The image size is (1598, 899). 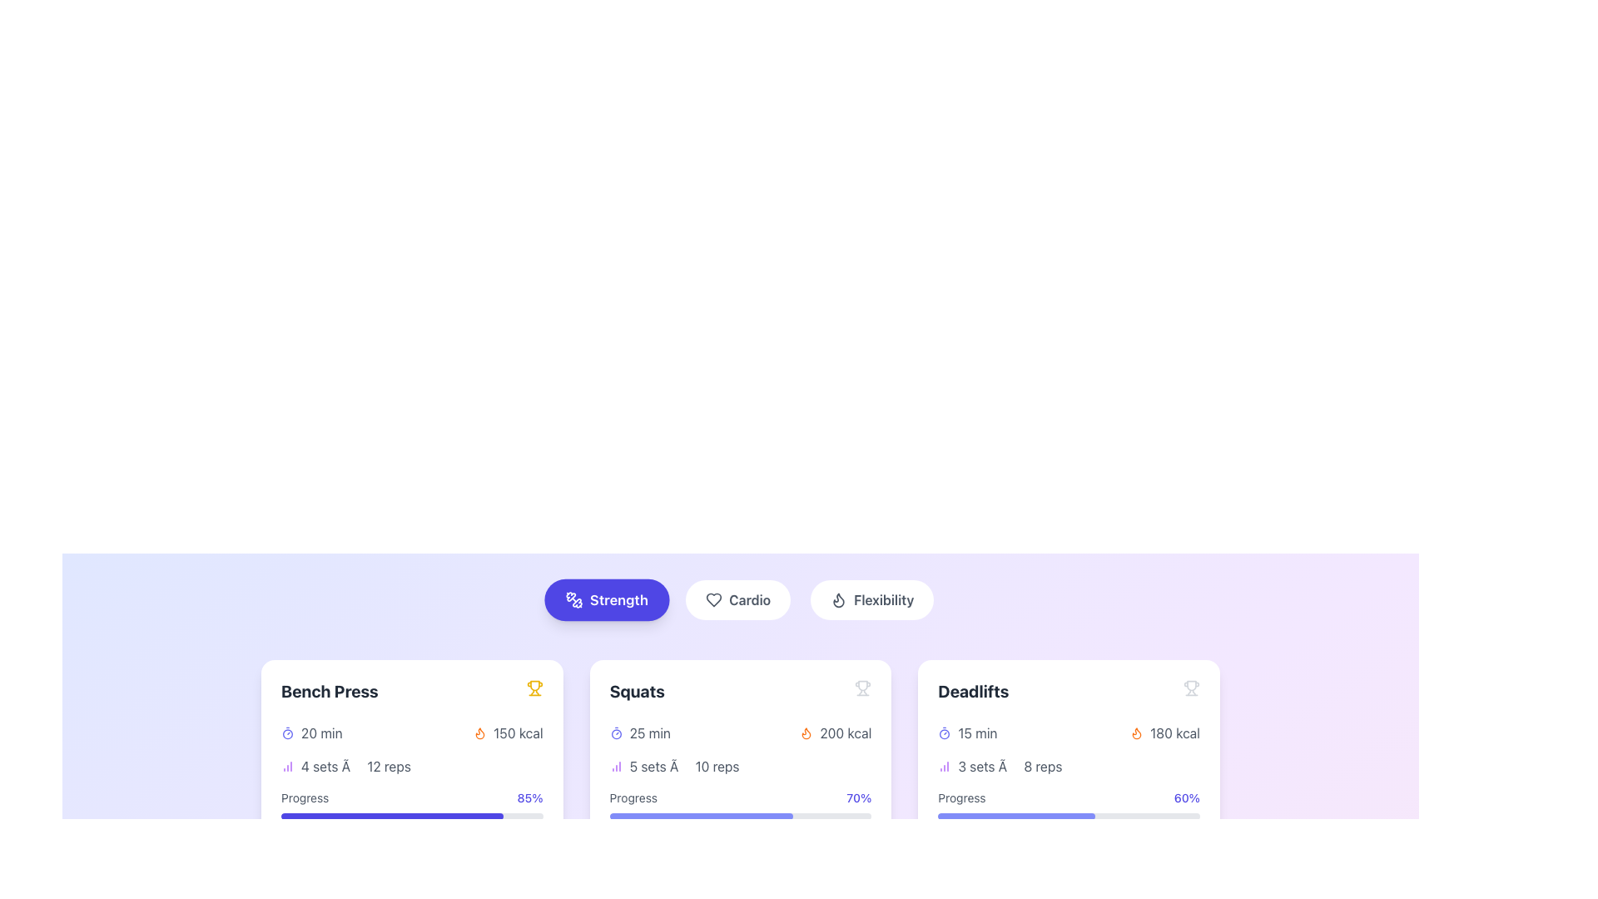 What do you see at coordinates (739, 732) in the screenshot?
I see `the informational display bar located within the 'Squats' workout card, which shows key metrics such as duration and calories burned` at bounding box center [739, 732].